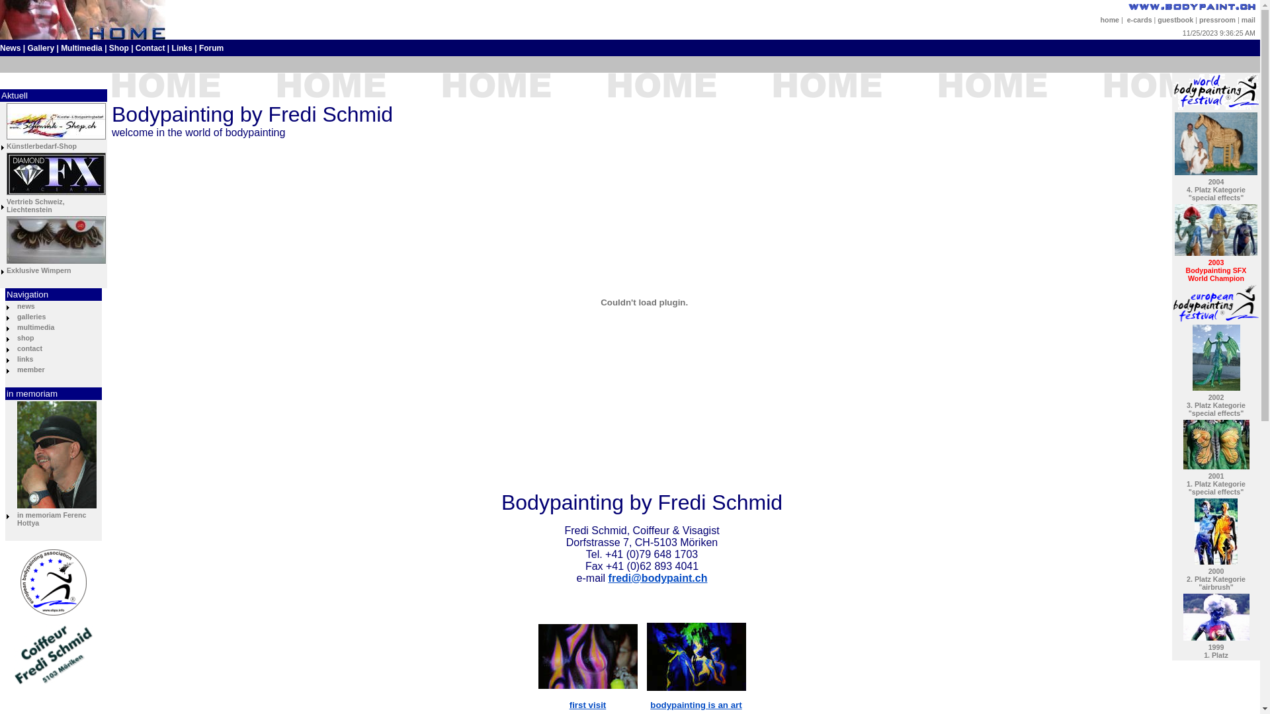 The width and height of the screenshot is (1270, 714). What do you see at coordinates (1216, 405) in the screenshot?
I see `'2002` at bounding box center [1216, 405].